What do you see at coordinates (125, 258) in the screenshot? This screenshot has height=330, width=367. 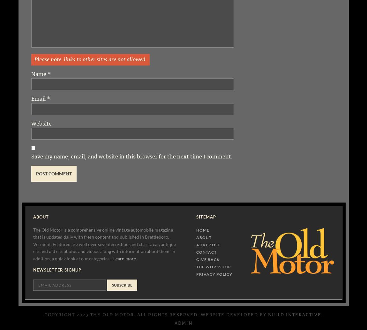 I see `'Learn more.'` at bounding box center [125, 258].